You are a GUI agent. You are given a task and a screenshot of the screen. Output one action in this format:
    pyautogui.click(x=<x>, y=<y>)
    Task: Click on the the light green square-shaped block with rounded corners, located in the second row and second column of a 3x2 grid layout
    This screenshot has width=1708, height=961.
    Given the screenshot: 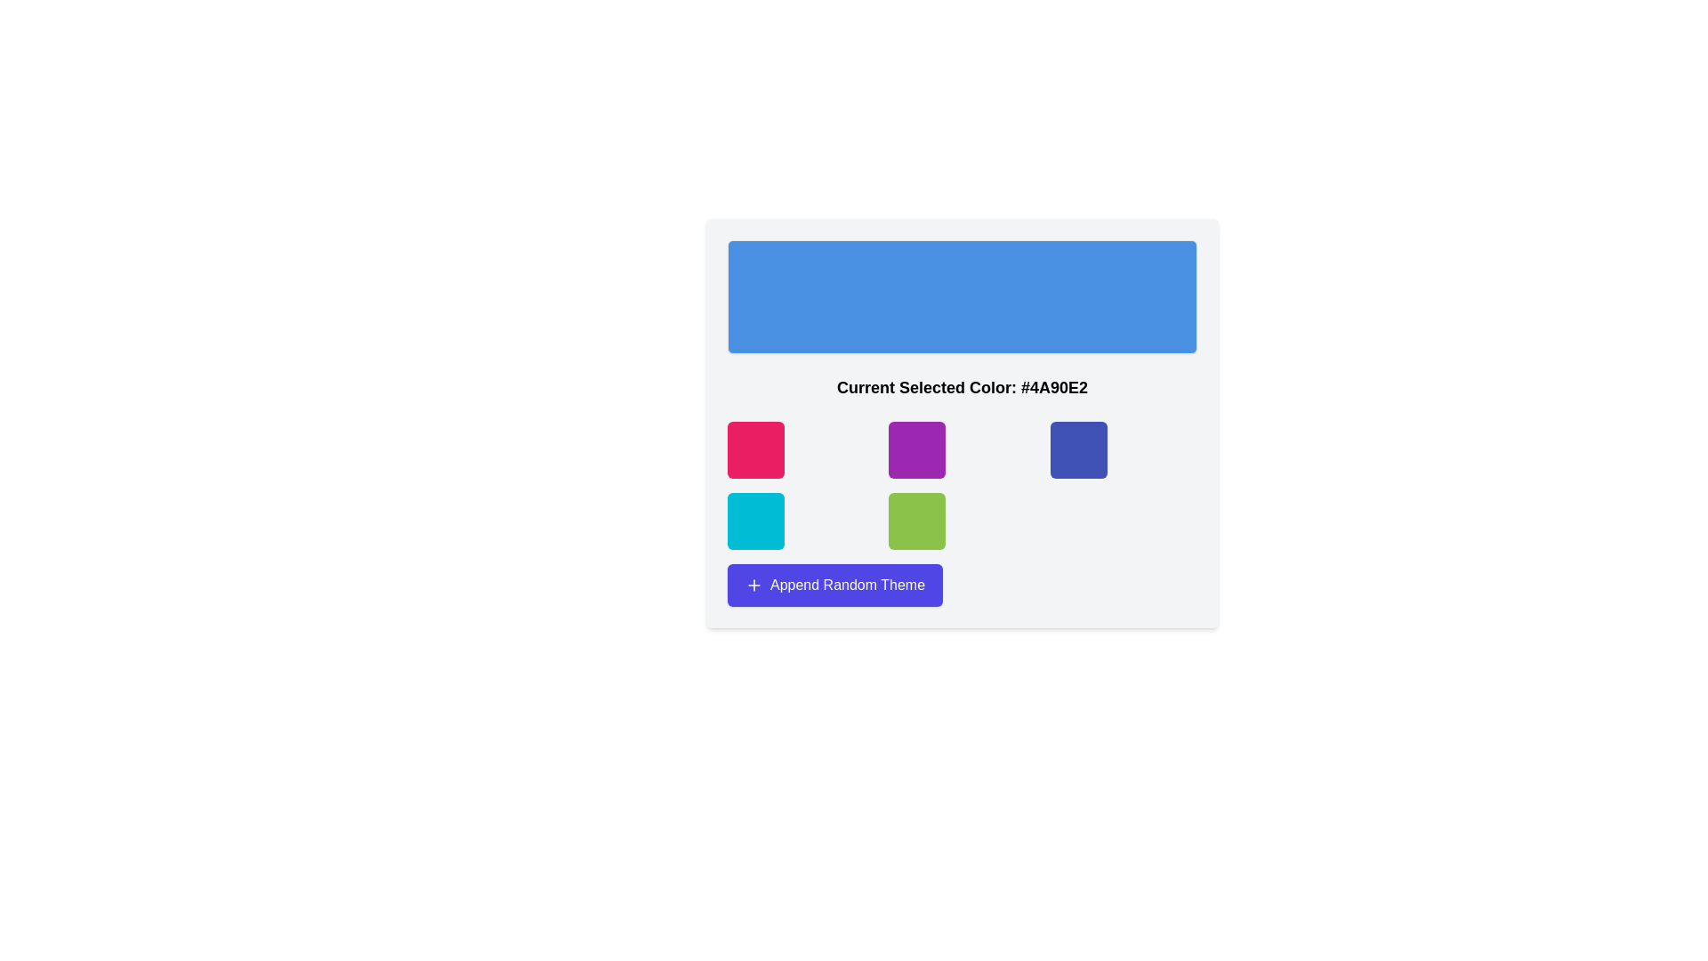 What is the action you would take?
    pyautogui.click(x=917, y=521)
    